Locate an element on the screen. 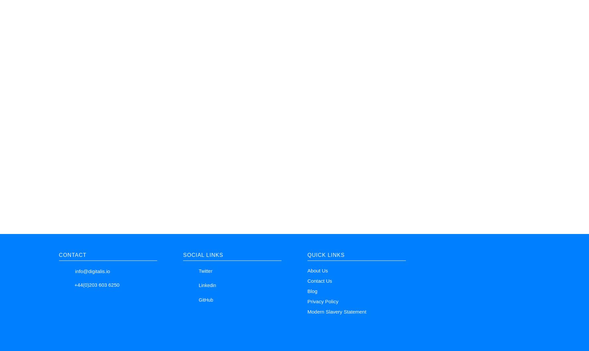  'SOCIAL LINKS' is located at coordinates (203, 254).